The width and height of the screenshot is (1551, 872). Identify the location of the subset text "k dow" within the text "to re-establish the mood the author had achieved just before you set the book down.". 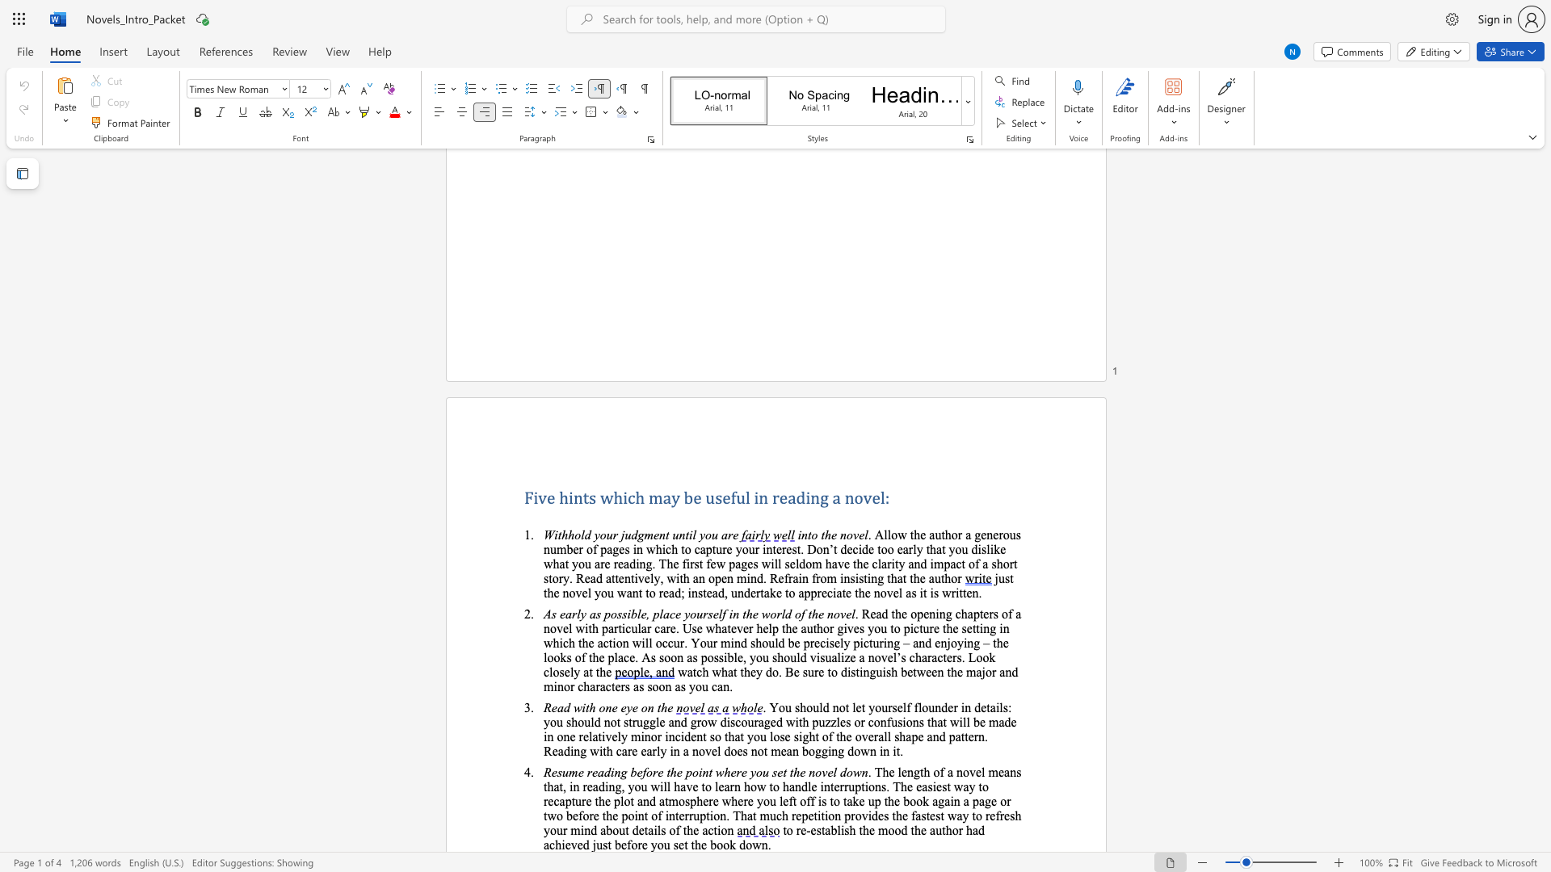
(729, 844).